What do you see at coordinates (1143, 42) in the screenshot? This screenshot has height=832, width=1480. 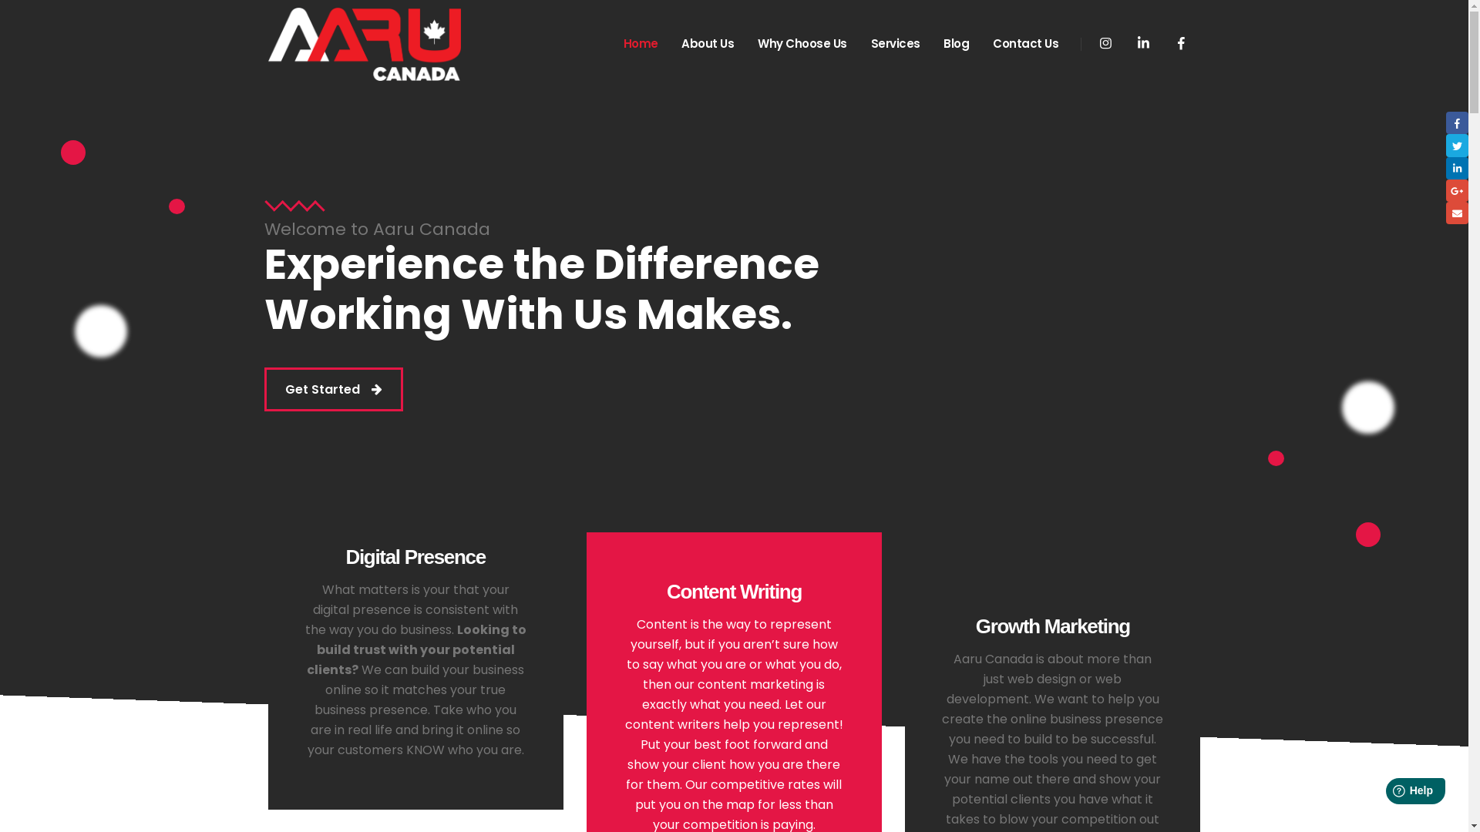 I see `'LinkedIn'` at bounding box center [1143, 42].